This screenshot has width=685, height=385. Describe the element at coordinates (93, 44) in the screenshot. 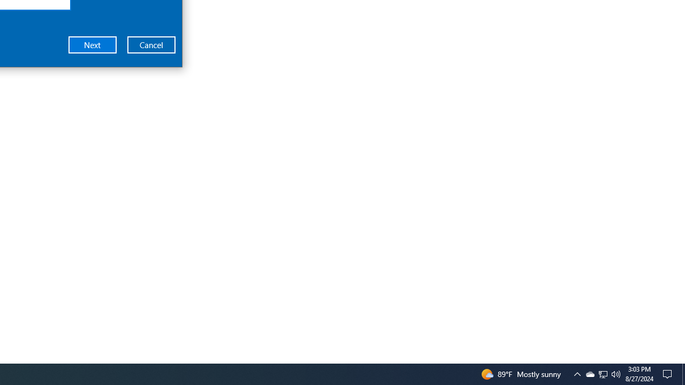

I see `'Next'` at that location.